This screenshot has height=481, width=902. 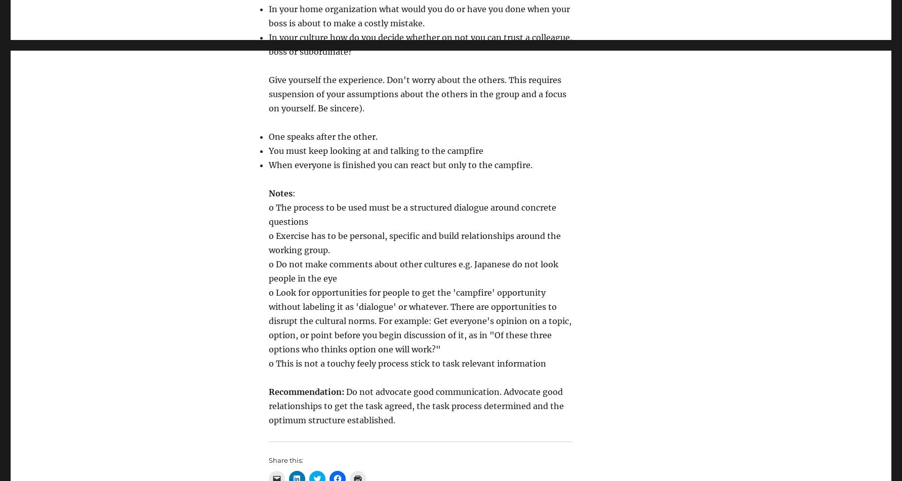 I want to click on 'You must keep looking at and talking to the campfire', so click(x=376, y=150).